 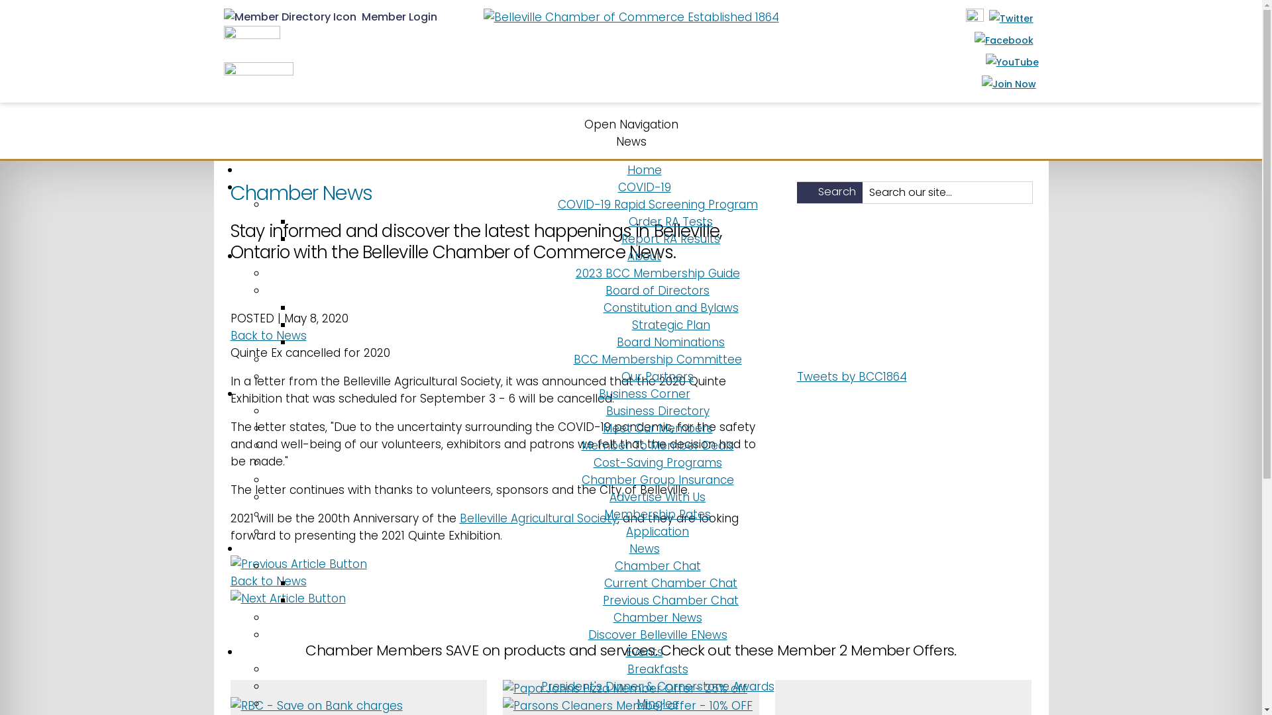 I want to click on 'Strategic Plan', so click(x=670, y=324).